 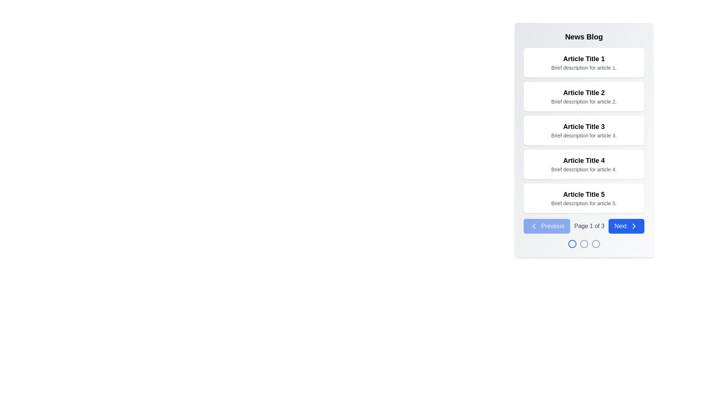 What do you see at coordinates (626, 226) in the screenshot?
I see `the 'Next' button, which is a rectangular button with white text on a blue background and a right-pointing chevron icon` at bounding box center [626, 226].